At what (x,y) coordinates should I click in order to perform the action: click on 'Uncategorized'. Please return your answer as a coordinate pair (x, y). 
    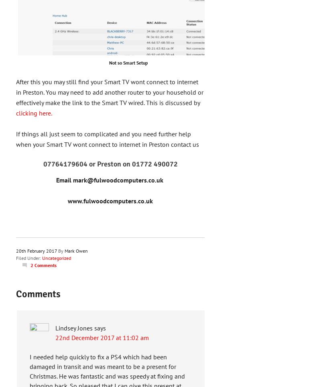
    Looking at the image, I should click on (57, 258).